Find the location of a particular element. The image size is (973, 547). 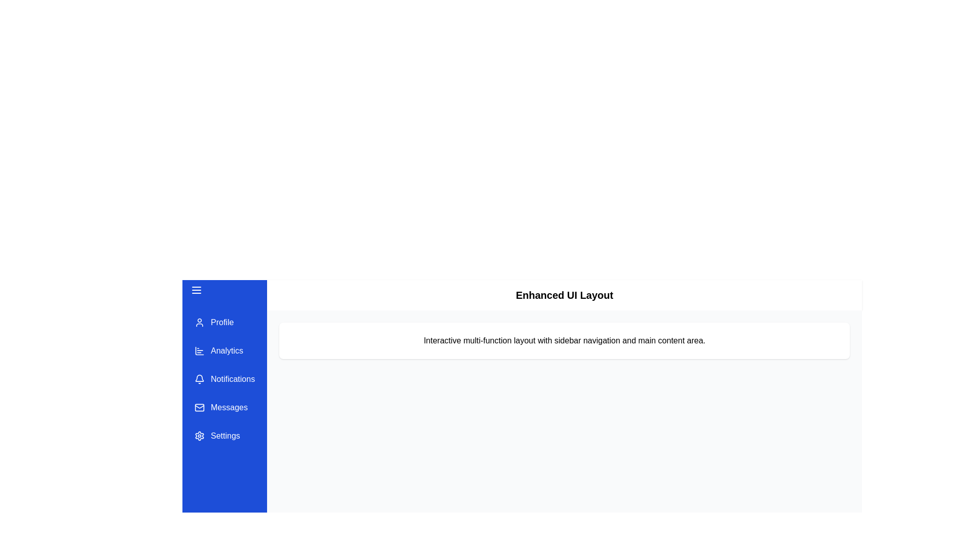

the bell icon styled as a notification indicator located in the blue-themed sidebar menu, positioned between 'Analytics' above and 'Messages' below is located at coordinates (199, 378).